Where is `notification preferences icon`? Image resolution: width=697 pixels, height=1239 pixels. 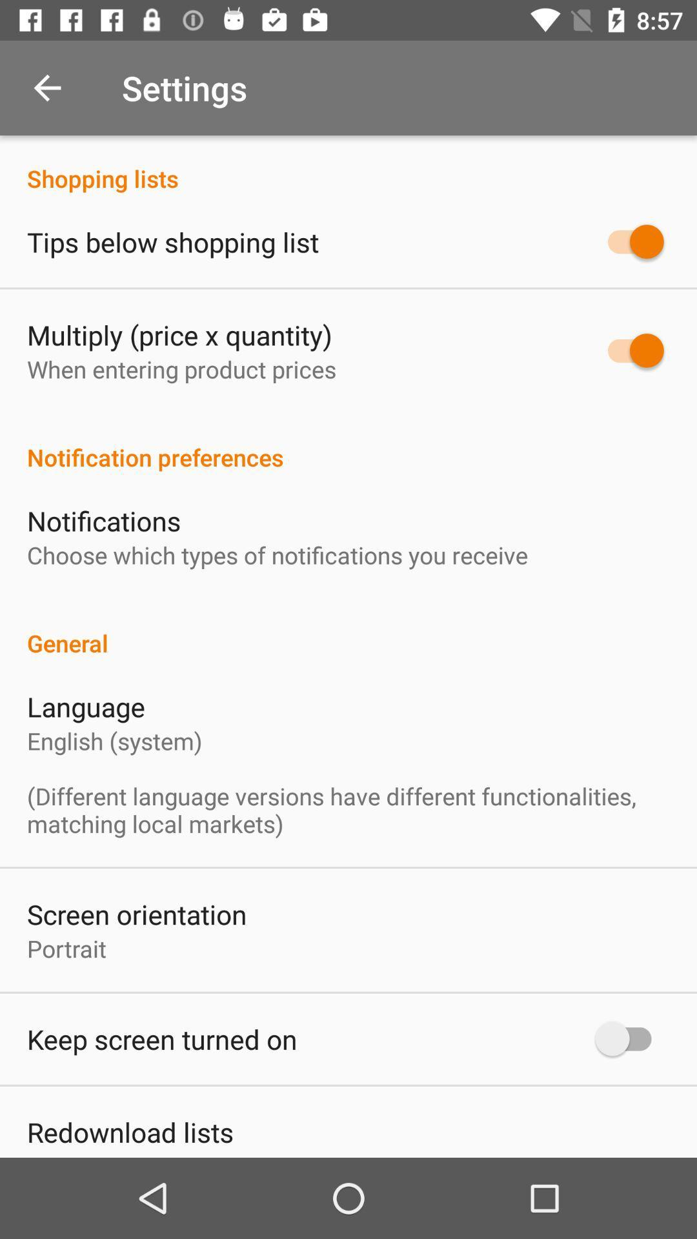
notification preferences icon is located at coordinates (348, 443).